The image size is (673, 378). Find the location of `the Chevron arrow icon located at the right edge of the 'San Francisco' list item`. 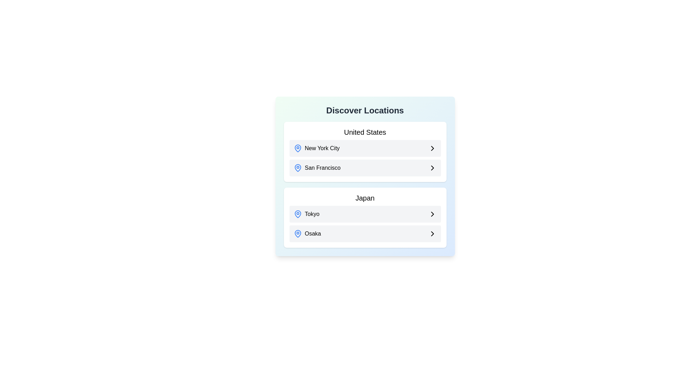

the Chevron arrow icon located at the right edge of the 'San Francisco' list item is located at coordinates (432, 168).